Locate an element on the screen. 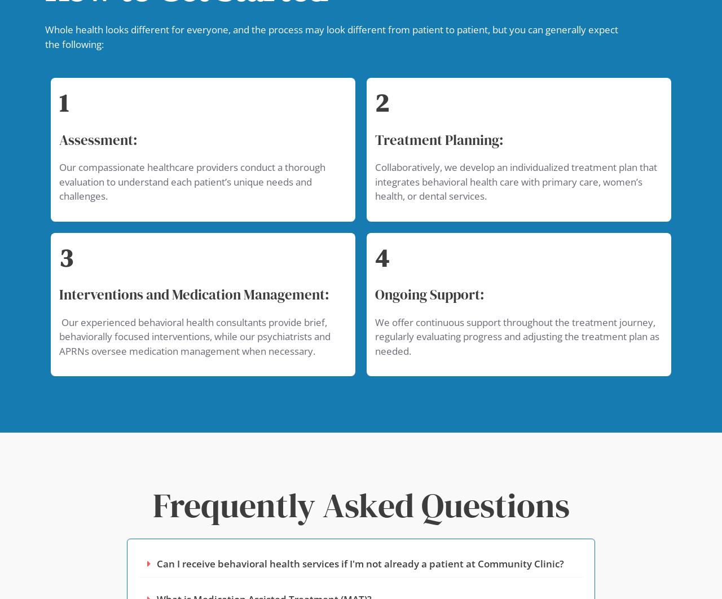 Image resolution: width=722 pixels, height=599 pixels. 'Interventions and Medication Management:' is located at coordinates (194, 293).